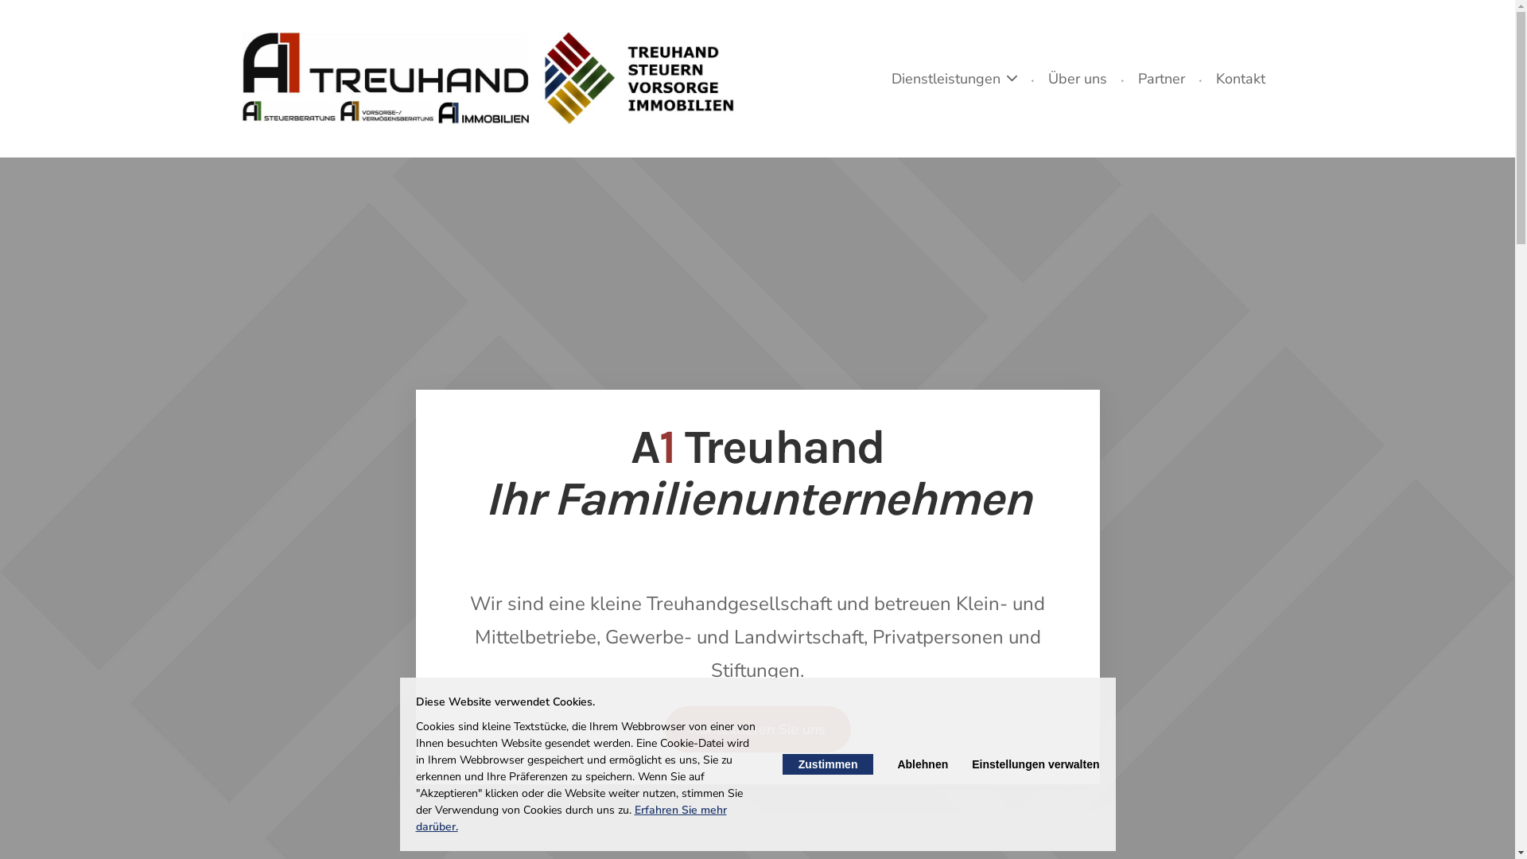  Describe the element at coordinates (664, 729) in the screenshot. I see `'Kontaktieren Sie uns'` at that location.